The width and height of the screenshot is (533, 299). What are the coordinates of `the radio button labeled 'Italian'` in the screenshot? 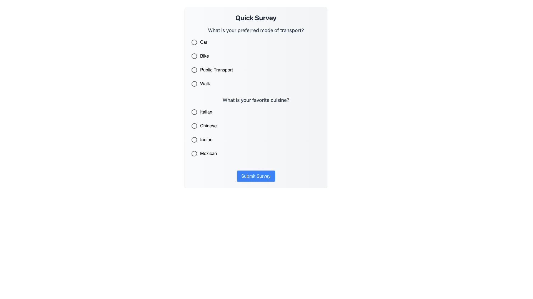 It's located at (194, 112).